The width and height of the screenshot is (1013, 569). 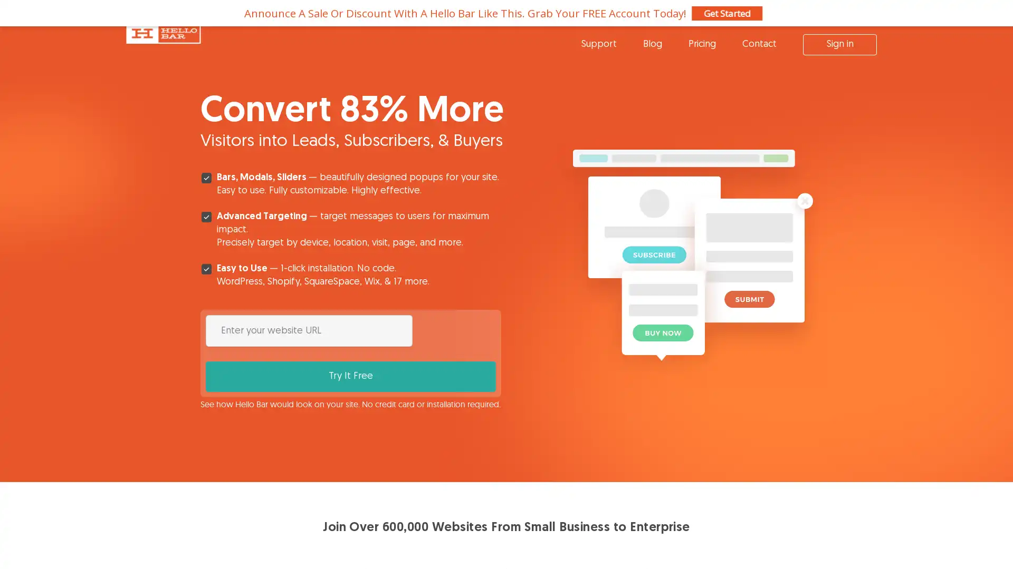 I want to click on Try It Free, so click(x=456, y=330).